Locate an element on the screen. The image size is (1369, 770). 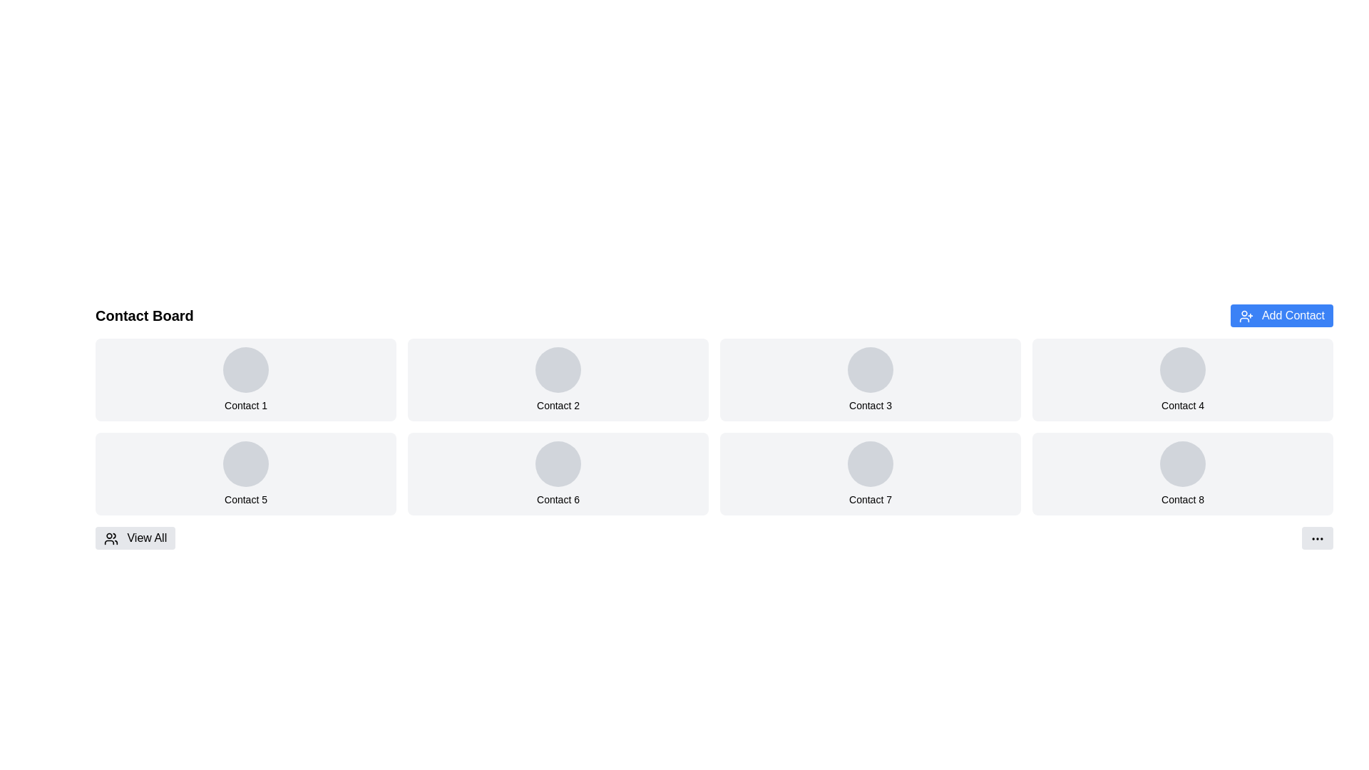
the icon representing a group or contacts that is part of the 'View All' button, located on the far left side of the button is located at coordinates (111, 538).